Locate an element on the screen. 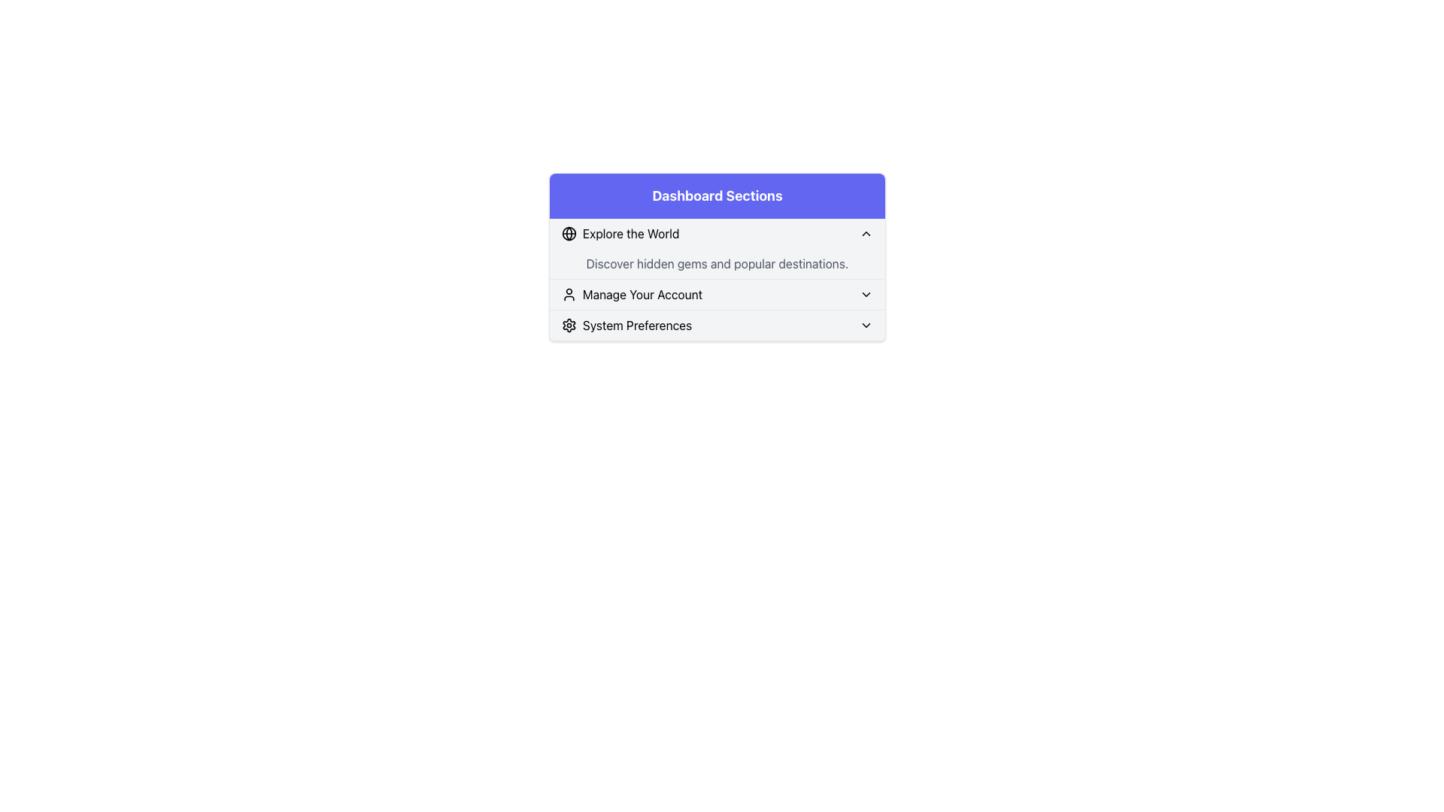  the text label with grey background reading 'Discover hidden gems and popular destinations', located under the title 'Explore the World' in the 'Dashboard Sections' panel is located at coordinates (717, 256).